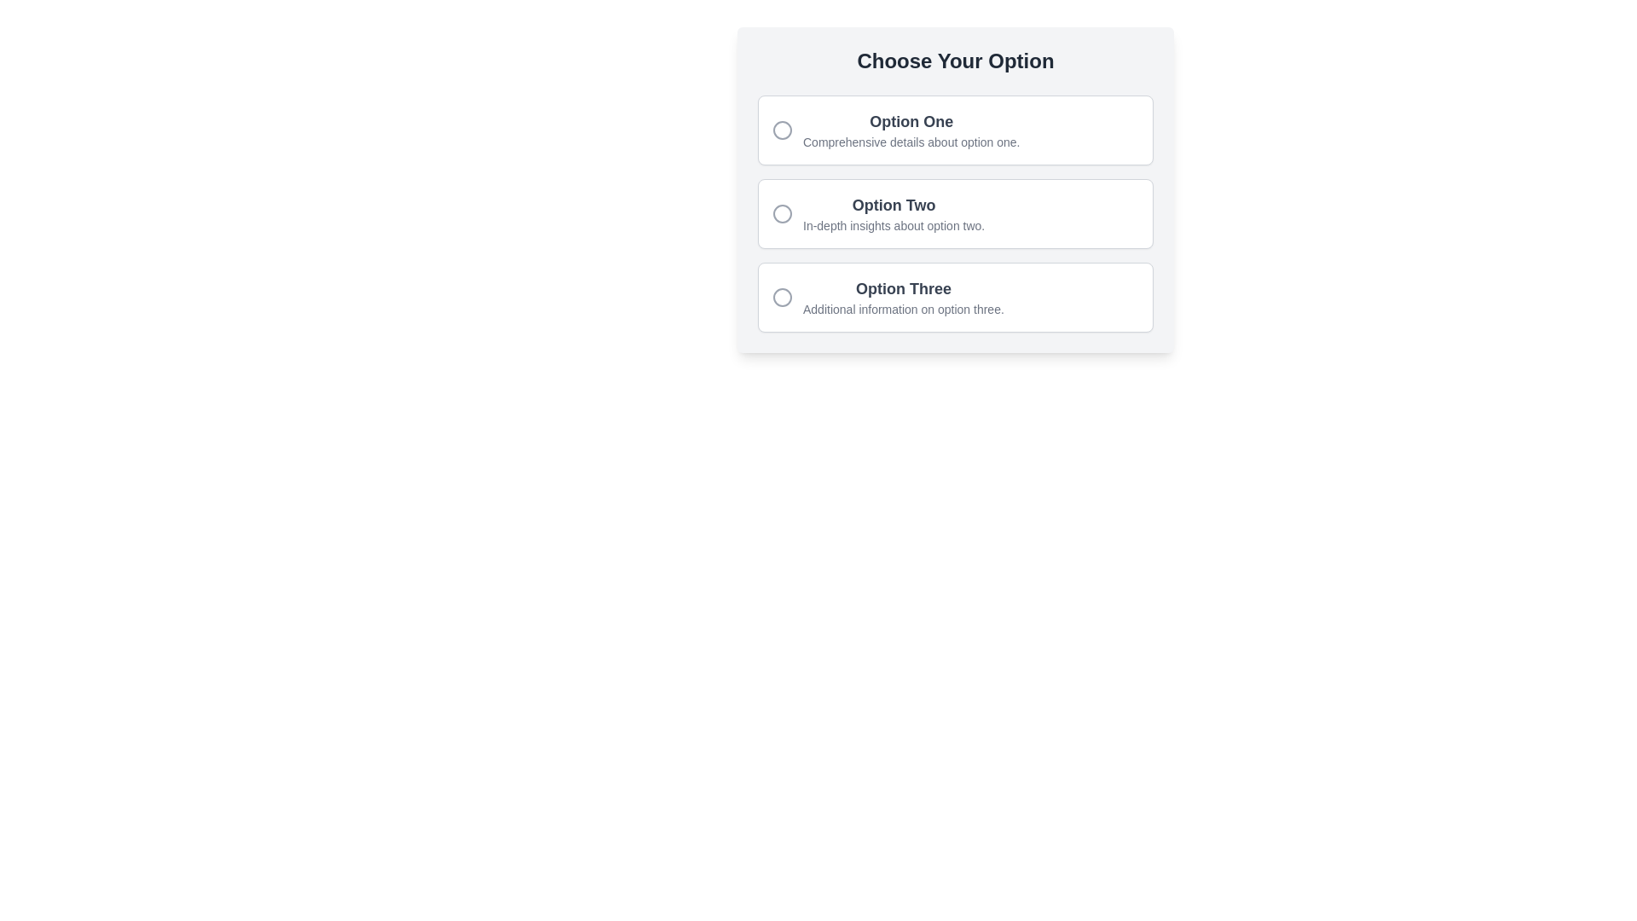 The image size is (1637, 921). I want to click on the second radio button in a vertical list of options, which is located below 'Option One' and above 'Option Three', so click(956, 212).